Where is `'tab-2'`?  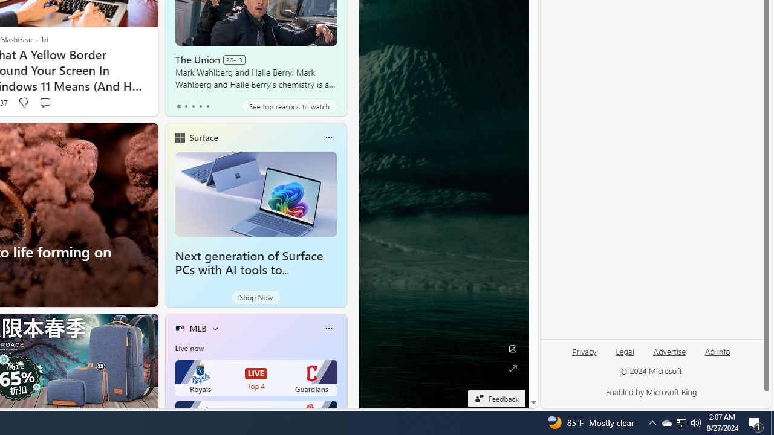 'tab-2' is located at coordinates (193, 106).